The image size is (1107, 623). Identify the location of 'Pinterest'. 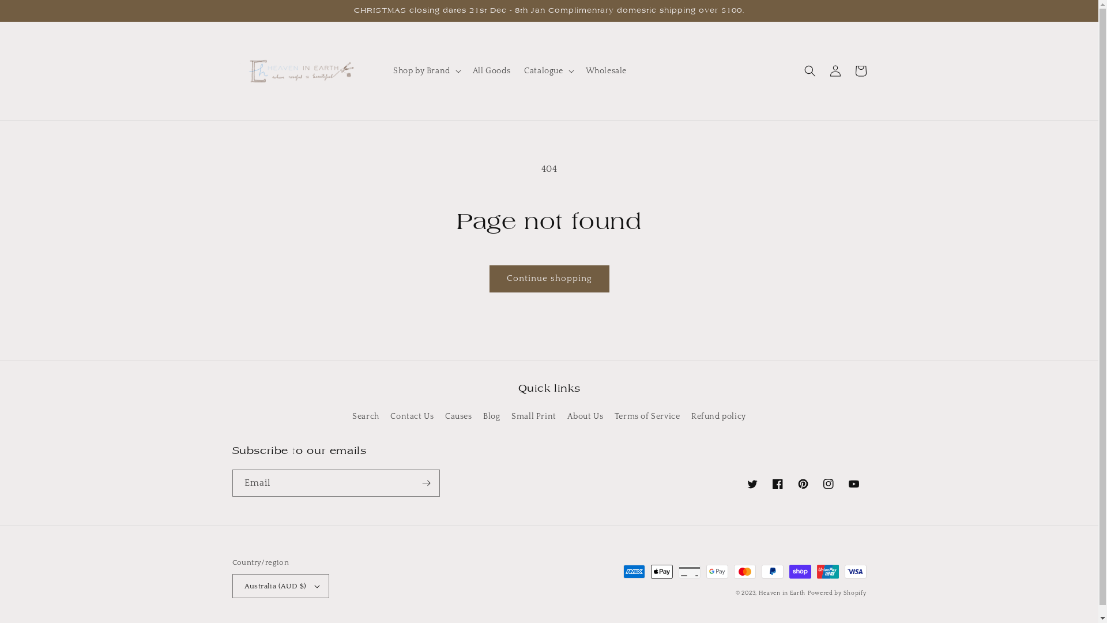
(802, 484).